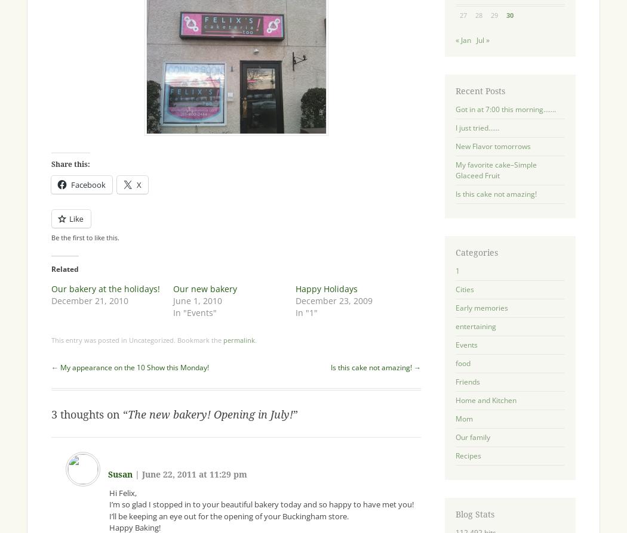 The width and height of the screenshot is (627, 533). I want to click on 'I’m so glad I stopped in to your beautiful bakery today and so happy to have met you!', so click(260, 503).